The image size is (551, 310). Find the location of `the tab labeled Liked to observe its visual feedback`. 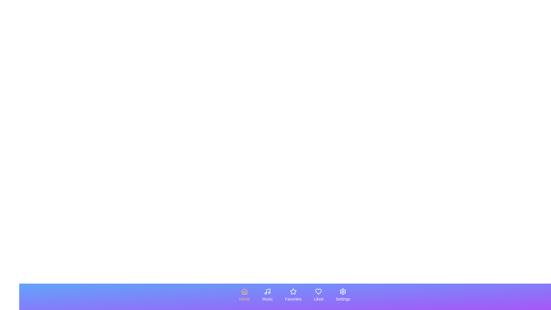

the tab labeled Liked to observe its visual feedback is located at coordinates (318, 295).